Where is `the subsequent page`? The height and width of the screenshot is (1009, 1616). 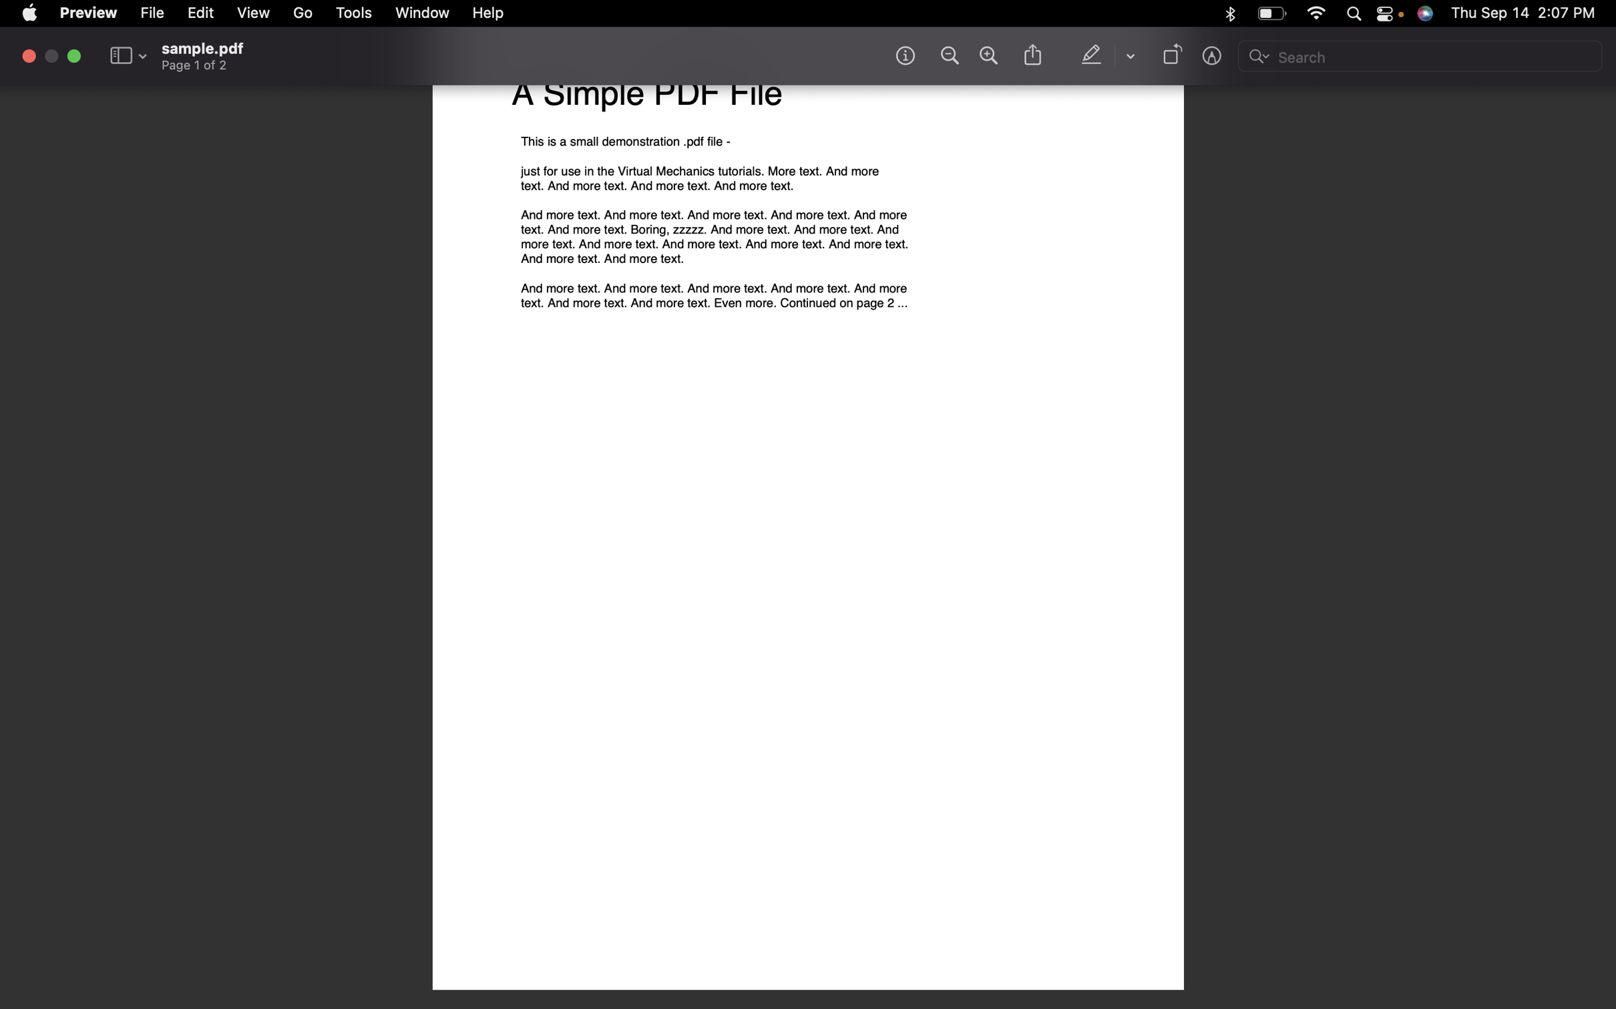
the subsequent page is located at coordinates (303, 15).